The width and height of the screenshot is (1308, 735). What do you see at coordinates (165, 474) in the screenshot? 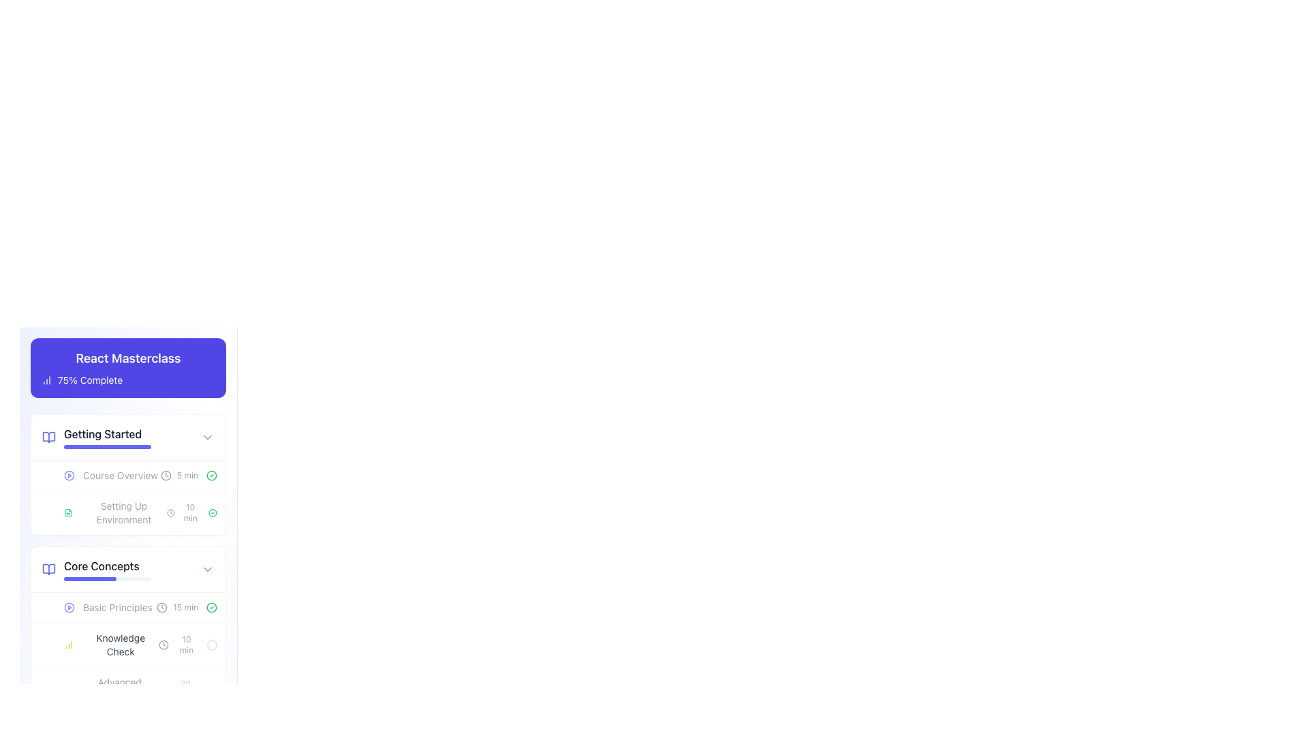
I see `the SVG Circle in the clock icon indicating time duration, which is adjacent to the text line displaying '5 min' in the 'Course Overview' lesson module` at bounding box center [165, 474].